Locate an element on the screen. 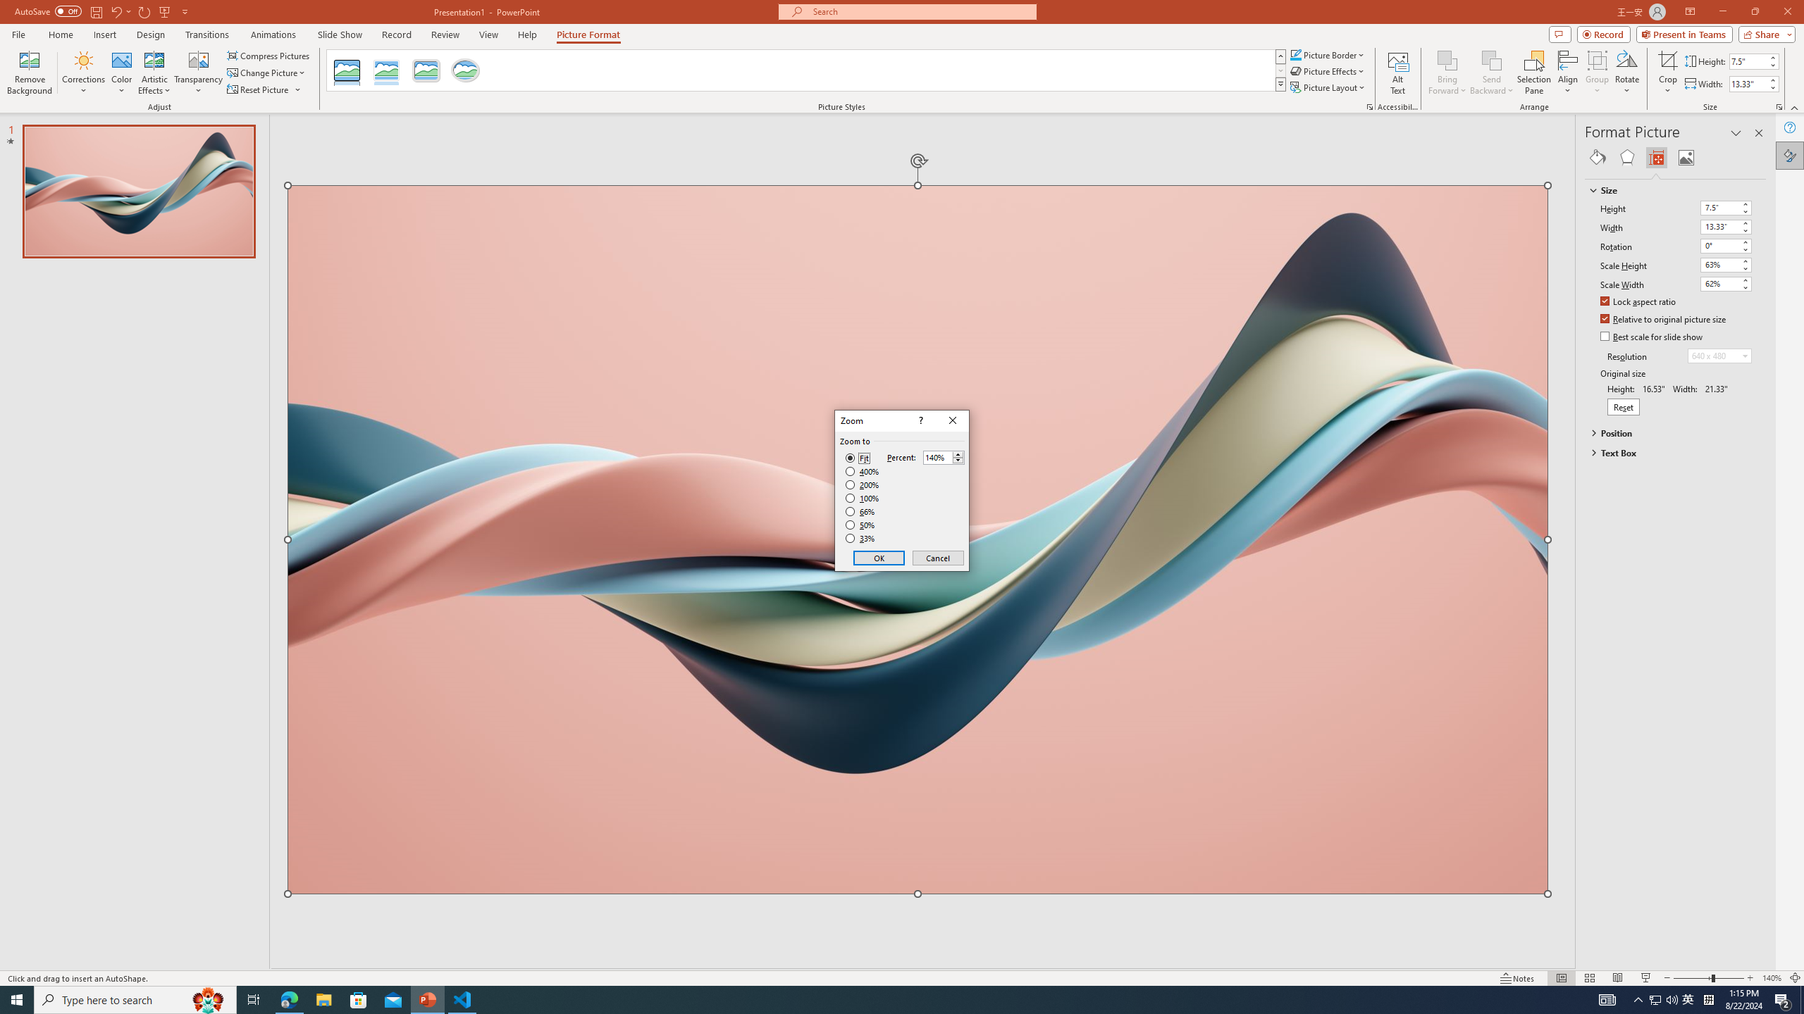 This screenshot has height=1014, width=1804. 'Artistic Effects' is located at coordinates (155, 73).